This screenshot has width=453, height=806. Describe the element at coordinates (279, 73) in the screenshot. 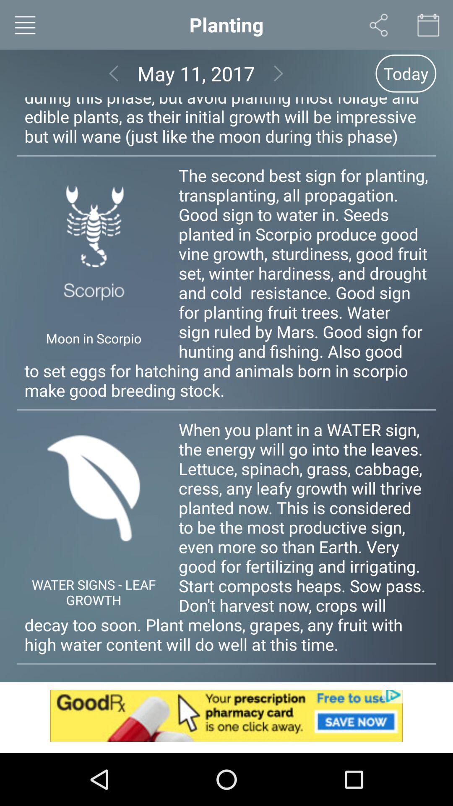

I see `next page` at that location.